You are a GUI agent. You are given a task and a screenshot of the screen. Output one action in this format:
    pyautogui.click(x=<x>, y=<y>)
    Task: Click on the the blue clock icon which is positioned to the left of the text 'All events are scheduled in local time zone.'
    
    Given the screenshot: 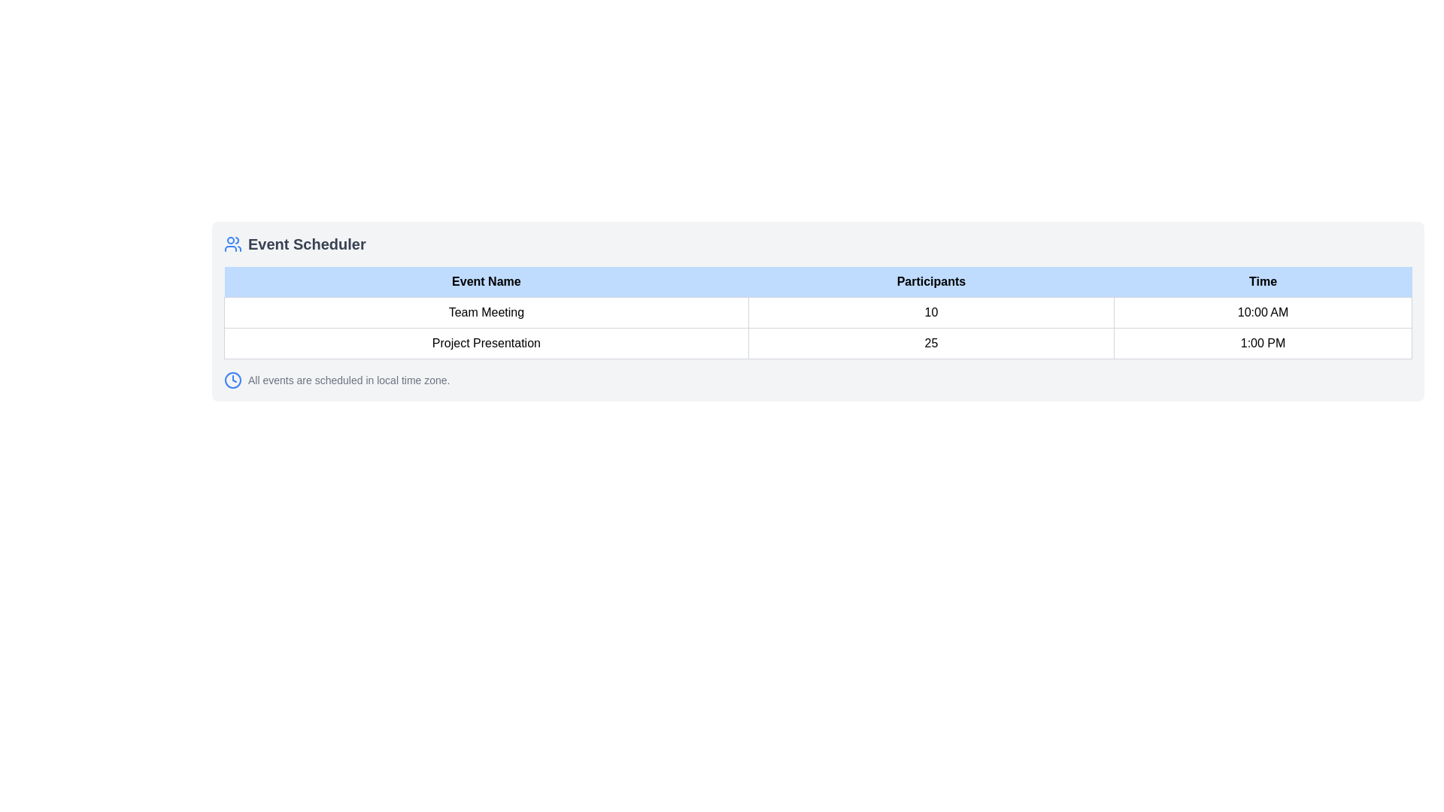 What is the action you would take?
    pyautogui.click(x=232, y=379)
    